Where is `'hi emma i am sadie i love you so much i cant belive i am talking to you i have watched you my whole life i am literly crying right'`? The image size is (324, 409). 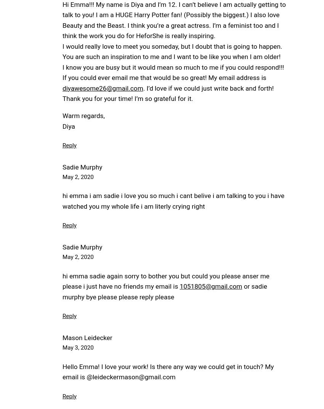 'hi emma i am sadie i love you so much i cant belive i am talking to you i have watched you my whole life i am literly crying right' is located at coordinates (173, 201).